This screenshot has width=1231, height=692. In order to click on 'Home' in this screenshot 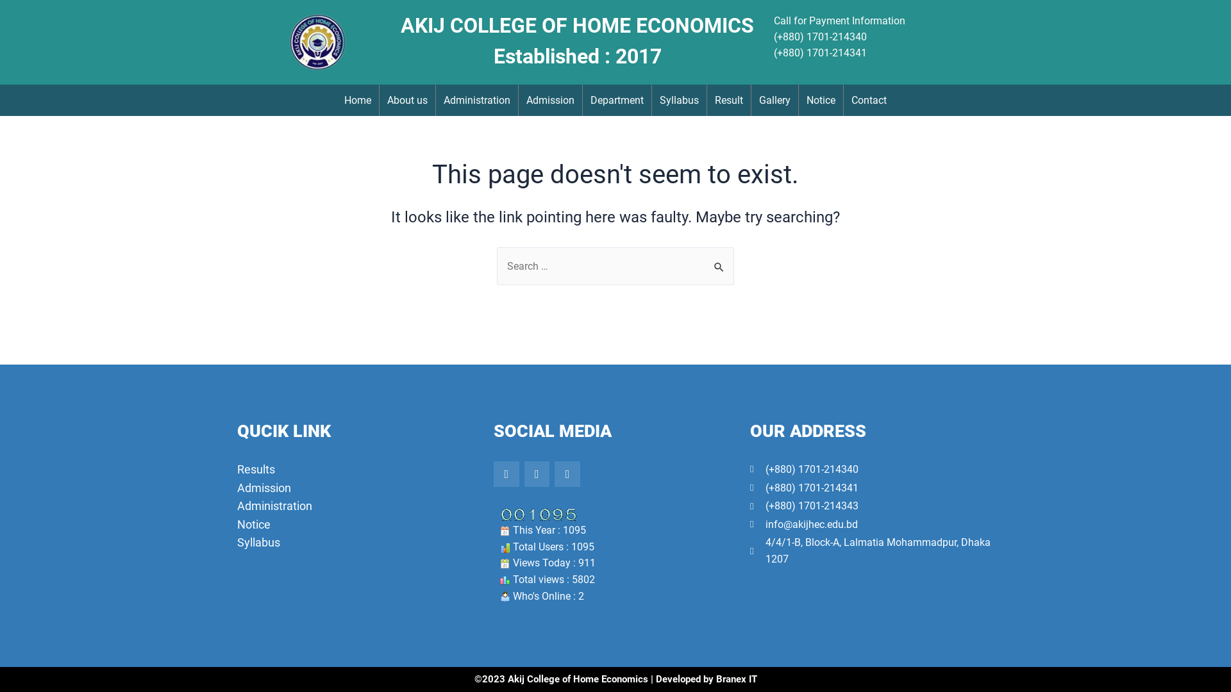, I will do `click(357, 99)`.